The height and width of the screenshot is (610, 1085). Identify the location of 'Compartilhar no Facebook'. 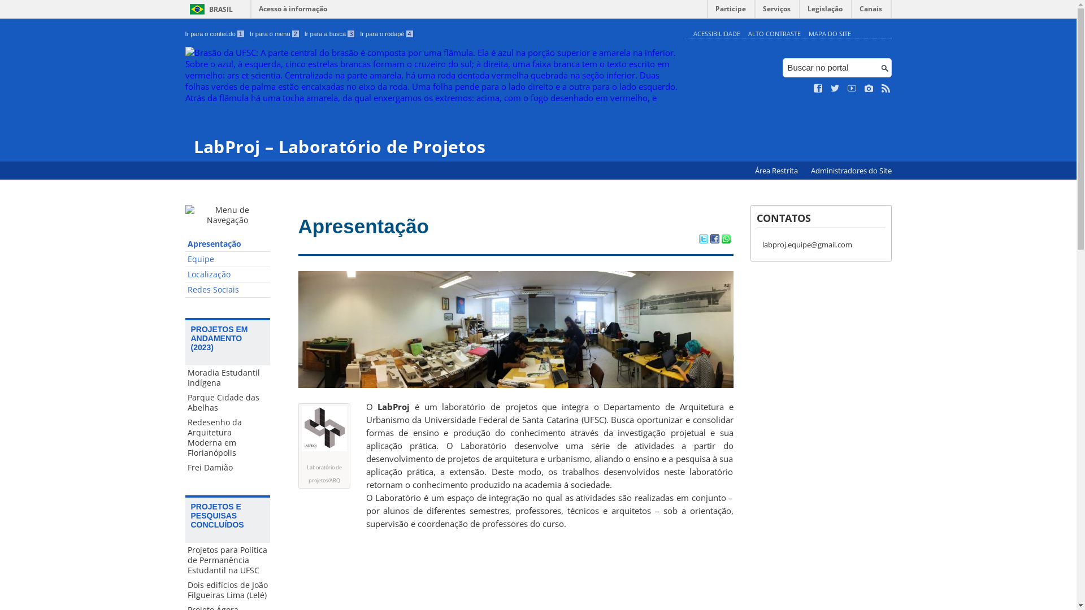
(713, 239).